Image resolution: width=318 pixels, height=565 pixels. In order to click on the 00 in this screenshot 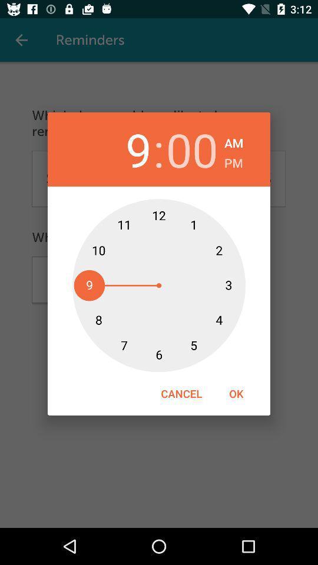, I will do `click(192, 149)`.